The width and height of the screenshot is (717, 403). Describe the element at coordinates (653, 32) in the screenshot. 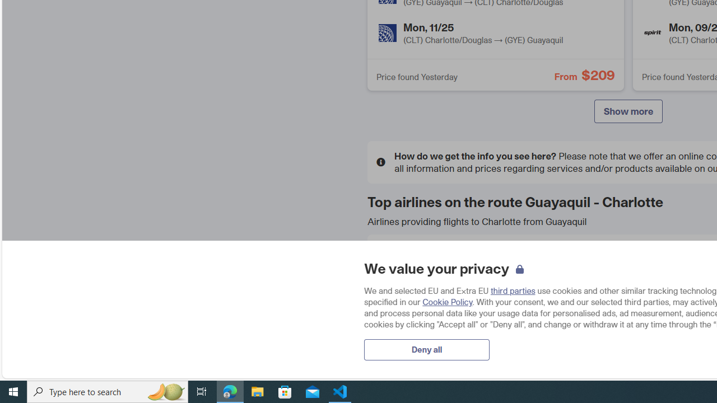

I see `'Spirit Airlines'` at that location.